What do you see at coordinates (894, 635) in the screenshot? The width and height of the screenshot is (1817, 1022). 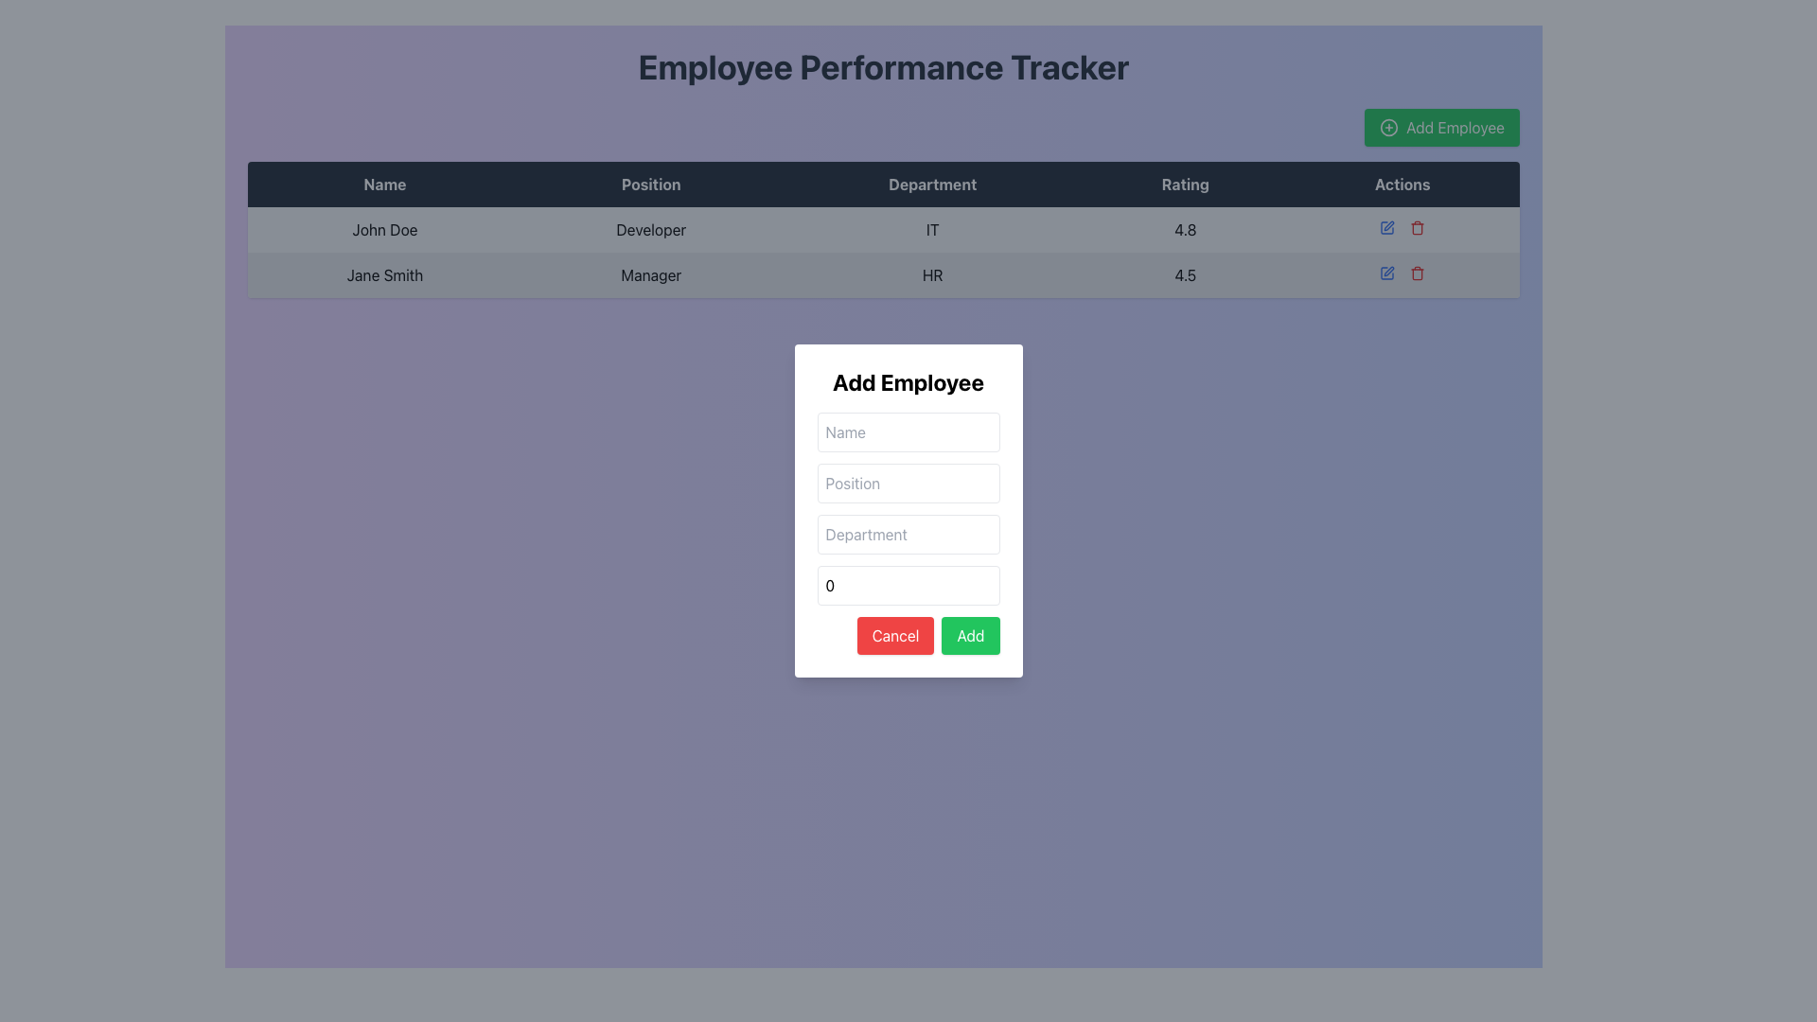 I see `the 'Cancel' button, which has a red background and white text, positioned to the left of the 'Add' button in the 'Add Employee' modal` at bounding box center [894, 635].